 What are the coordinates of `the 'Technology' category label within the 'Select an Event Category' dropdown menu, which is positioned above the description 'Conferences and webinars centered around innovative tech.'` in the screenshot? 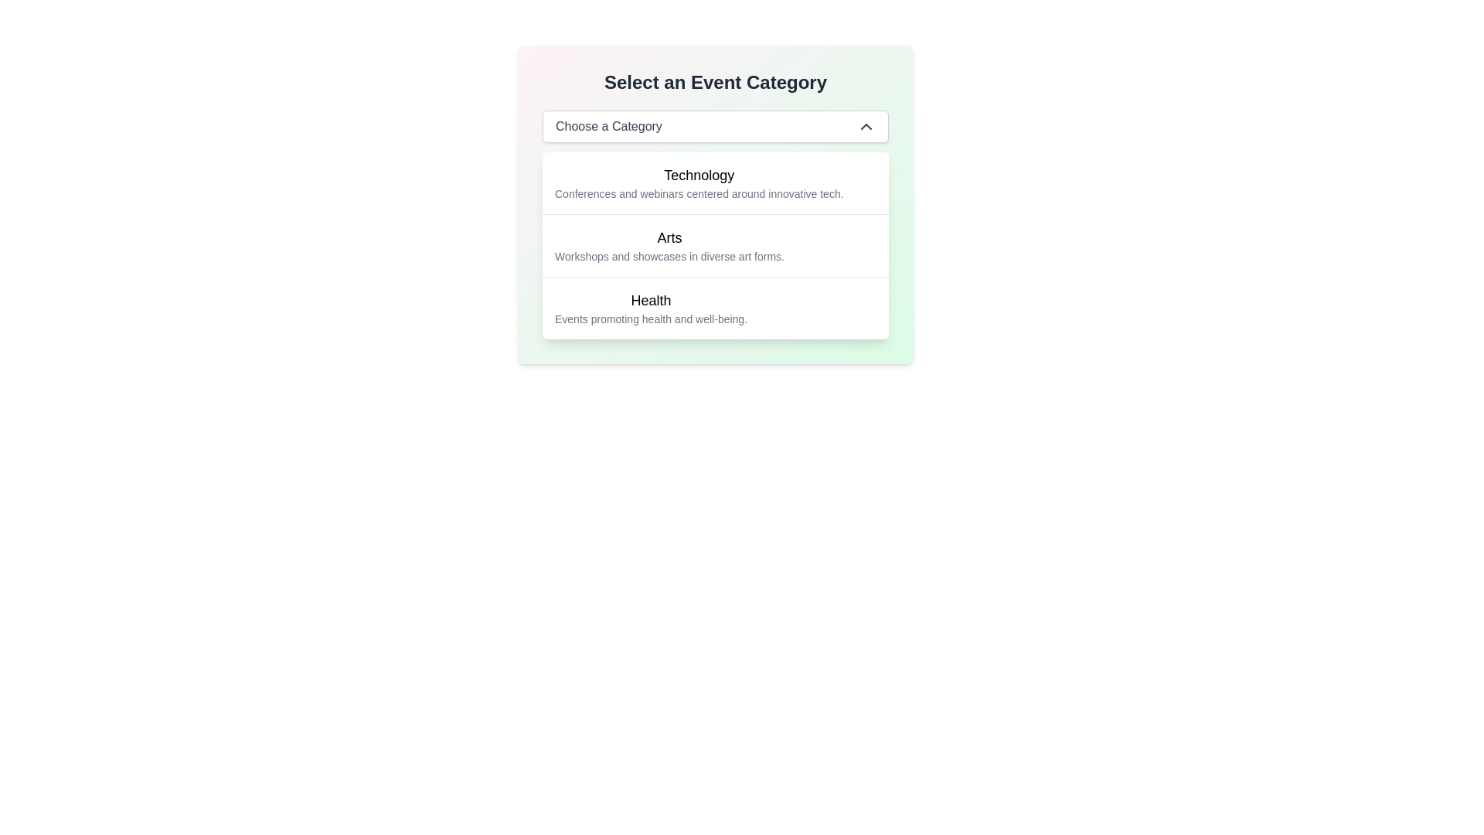 It's located at (698, 175).